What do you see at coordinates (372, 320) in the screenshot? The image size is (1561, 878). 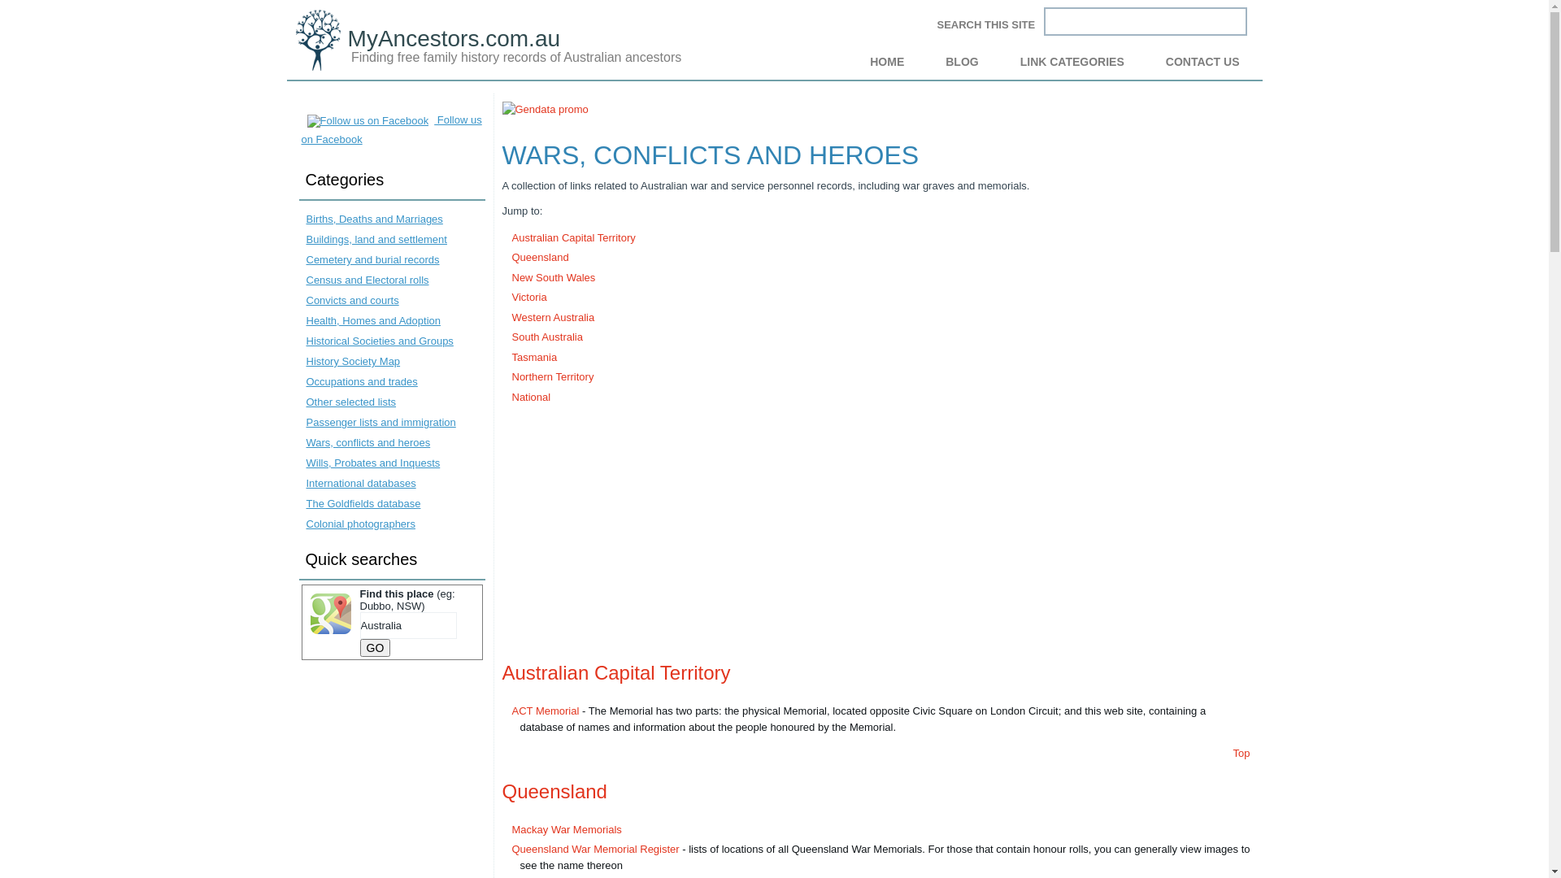 I see `'Health, Homes and Adoption'` at bounding box center [372, 320].